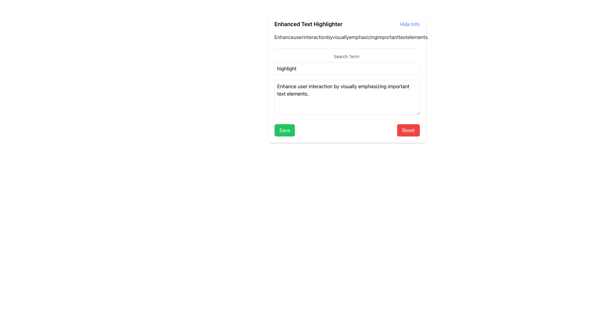  I want to click on label 'Search Term:' which is styled with a light gray font and appears above the input field, so click(347, 57).